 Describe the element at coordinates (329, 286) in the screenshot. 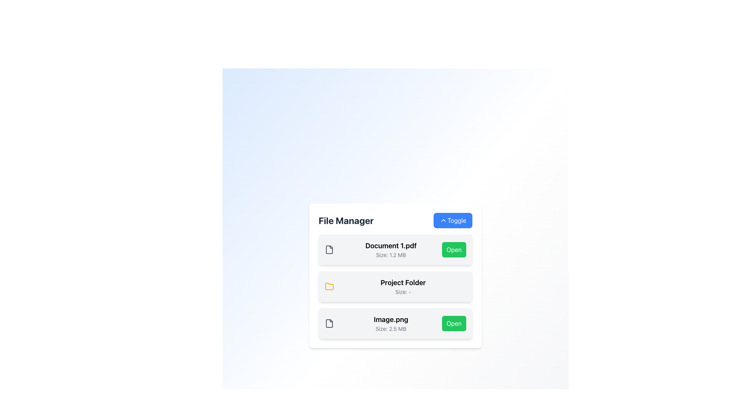

I see `the yellow folder icon located next to the text 'Project Folder' in the card-like interface` at that location.